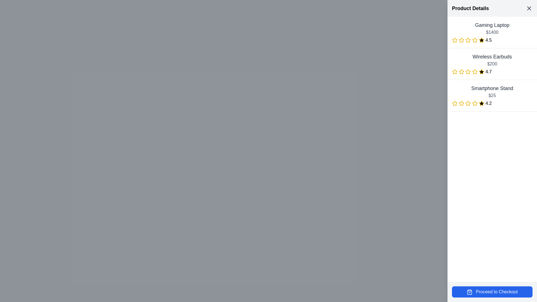 Image resolution: width=537 pixels, height=302 pixels. What do you see at coordinates (461, 103) in the screenshot?
I see `the yellow star icon, which is the third star in the rating sequence for the 'Smartphone Stand' product` at bounding box center [461, 103].